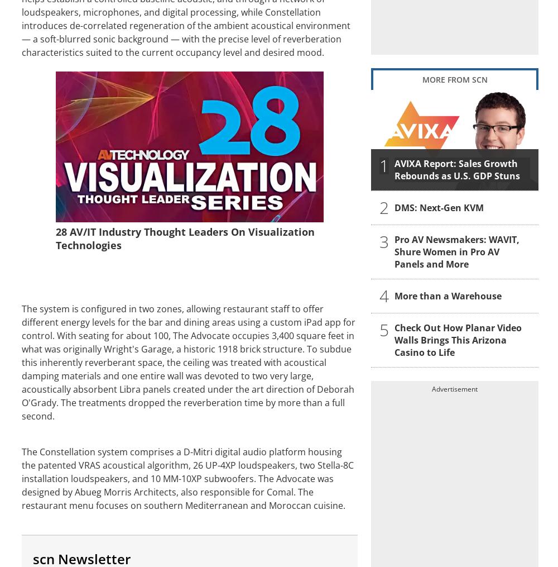 Image resolution: width=558 pixels, height=567 pixels. What do you see at coordinates (384, 207) in the screenshot?
I see `'2'` at bounding box center [384, 207].